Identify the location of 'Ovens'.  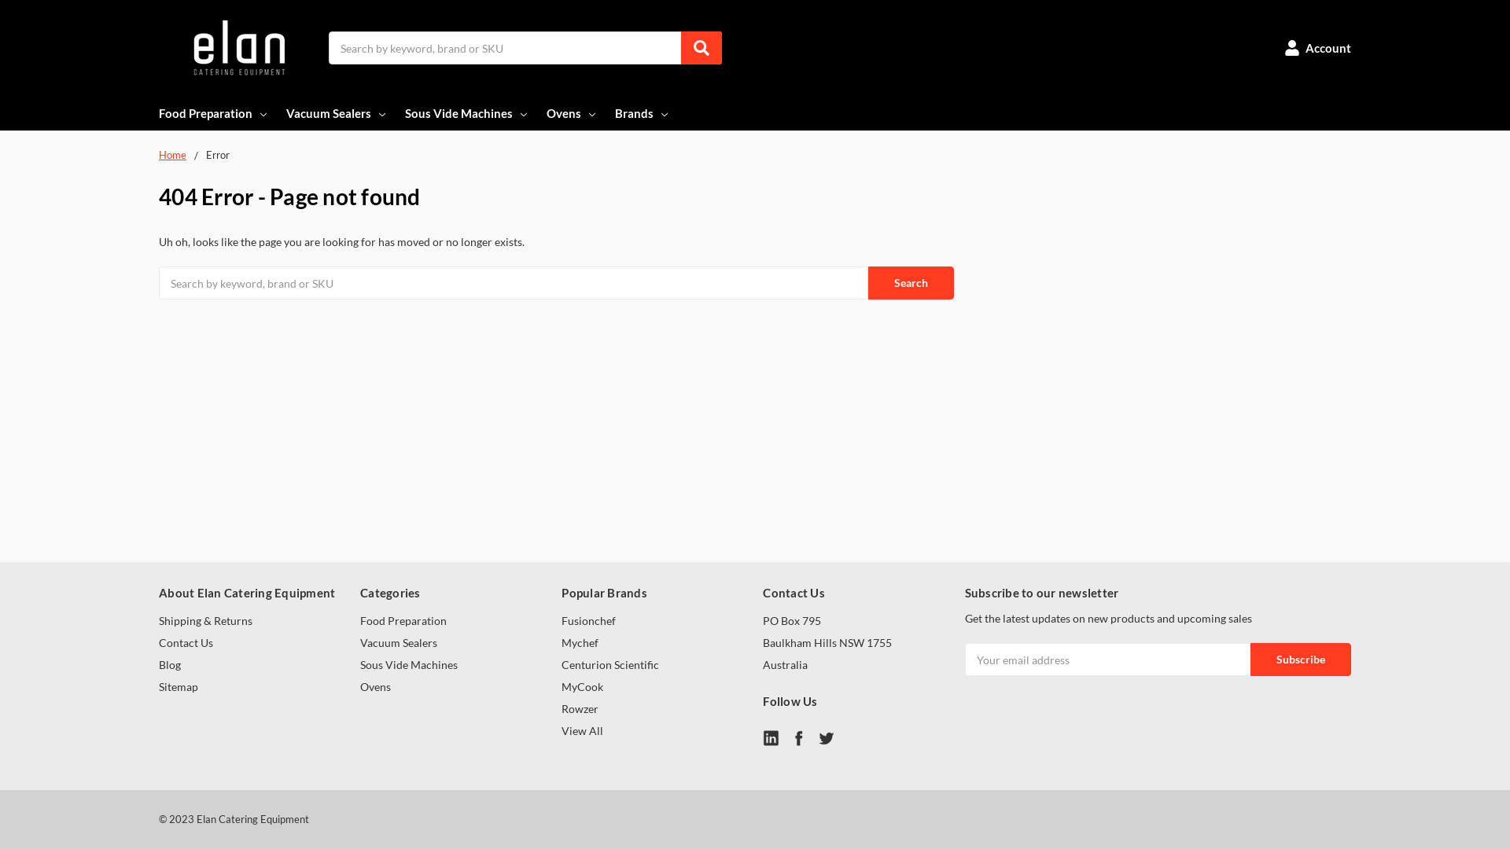
(374, 685).